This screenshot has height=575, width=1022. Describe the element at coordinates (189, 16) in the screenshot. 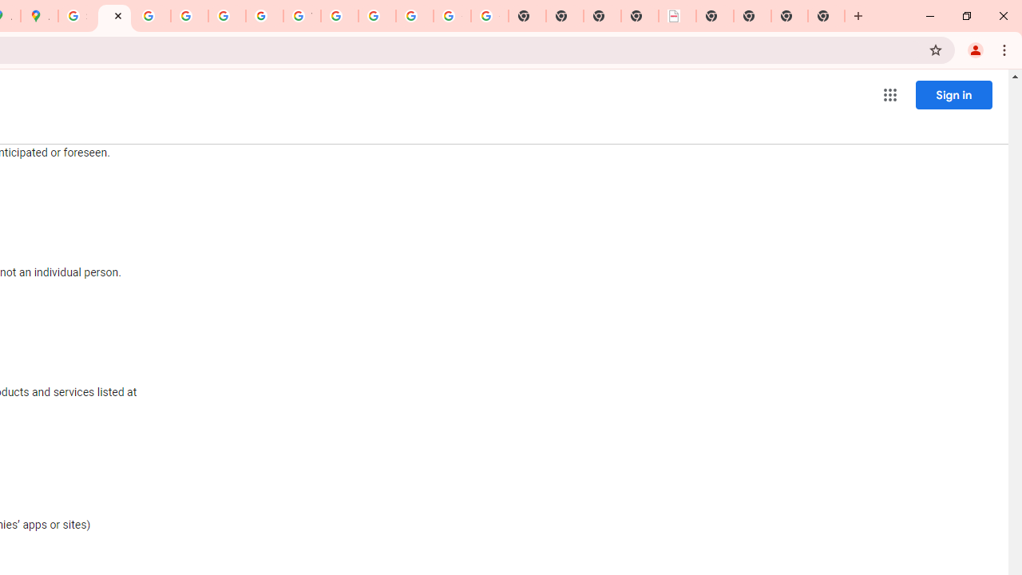

I see `'Privacy Help Center - Policies Help'` at that location.